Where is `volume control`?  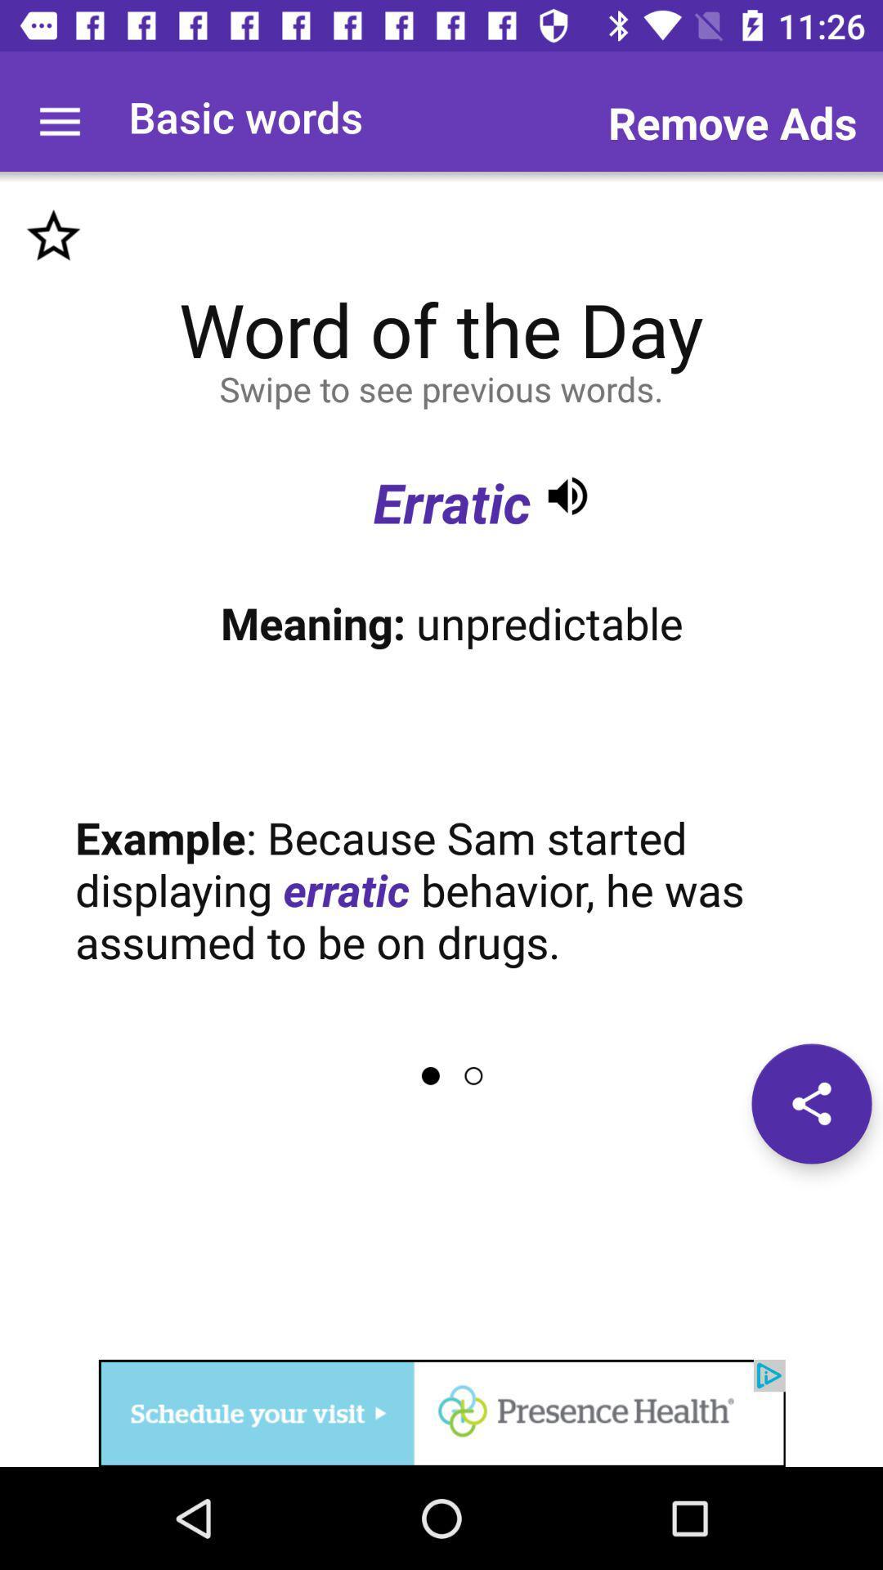 volume control is located at coordinates (567, 495).